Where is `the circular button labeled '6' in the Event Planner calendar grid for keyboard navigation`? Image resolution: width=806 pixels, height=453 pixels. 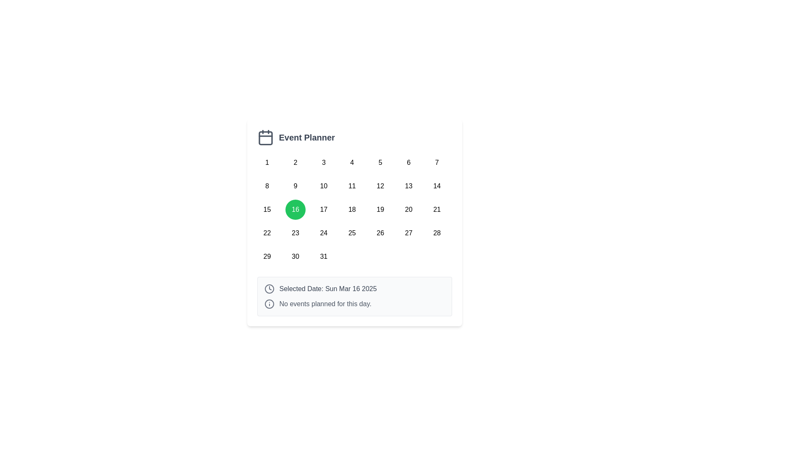
the circular button labeled '6' in the Event Planner calendar grid for keyboard navigation is located at coordinates (408, 163).